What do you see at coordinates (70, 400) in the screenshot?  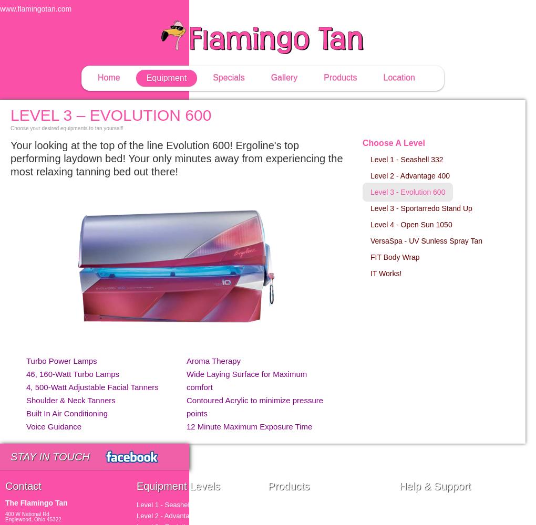 I see `'Shoulder & Neck Tanners'` at bounding box center [70, 400].